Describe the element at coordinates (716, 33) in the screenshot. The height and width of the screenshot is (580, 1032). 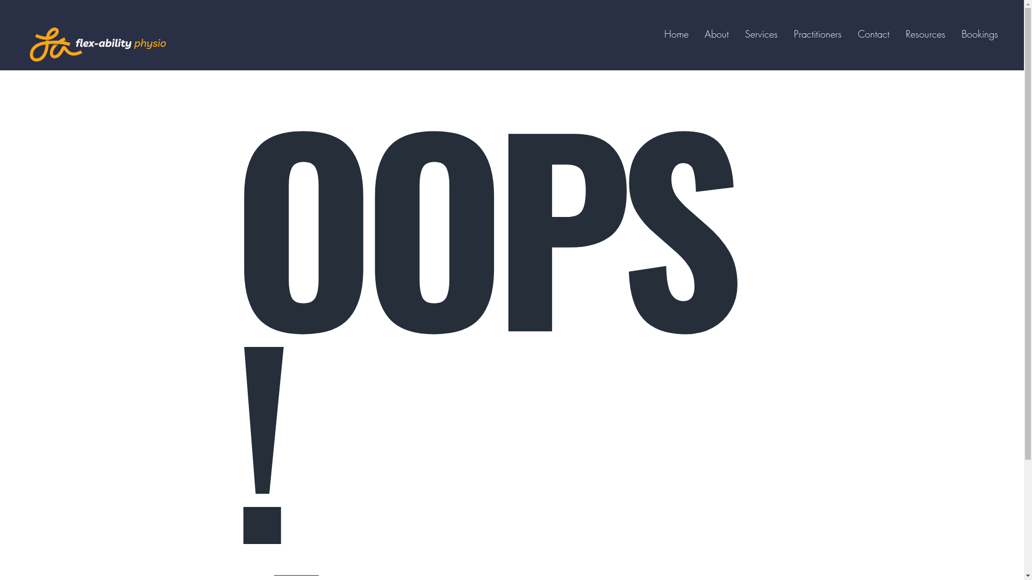
I see `'About'` at that location.